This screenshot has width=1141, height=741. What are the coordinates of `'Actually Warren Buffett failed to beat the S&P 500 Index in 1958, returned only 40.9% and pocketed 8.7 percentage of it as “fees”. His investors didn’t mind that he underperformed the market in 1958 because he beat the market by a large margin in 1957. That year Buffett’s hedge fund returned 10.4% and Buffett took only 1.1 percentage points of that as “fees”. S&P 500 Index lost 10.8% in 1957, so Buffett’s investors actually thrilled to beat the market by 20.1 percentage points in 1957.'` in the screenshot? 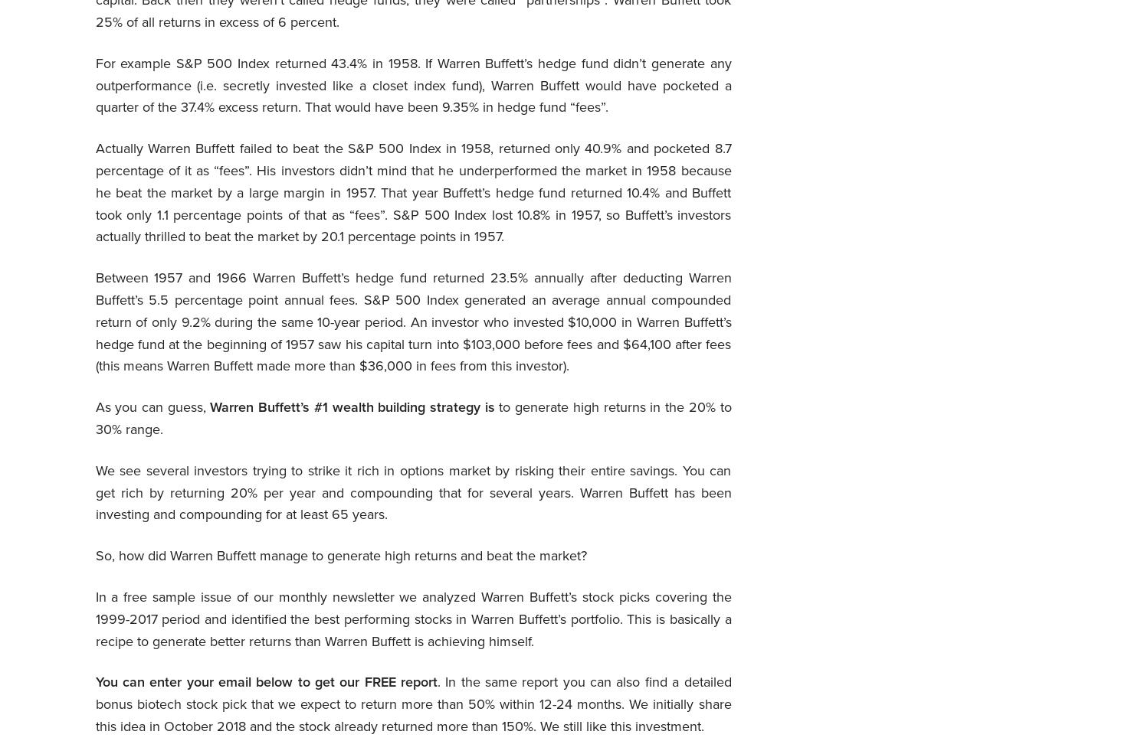 It's located at (413, 192).